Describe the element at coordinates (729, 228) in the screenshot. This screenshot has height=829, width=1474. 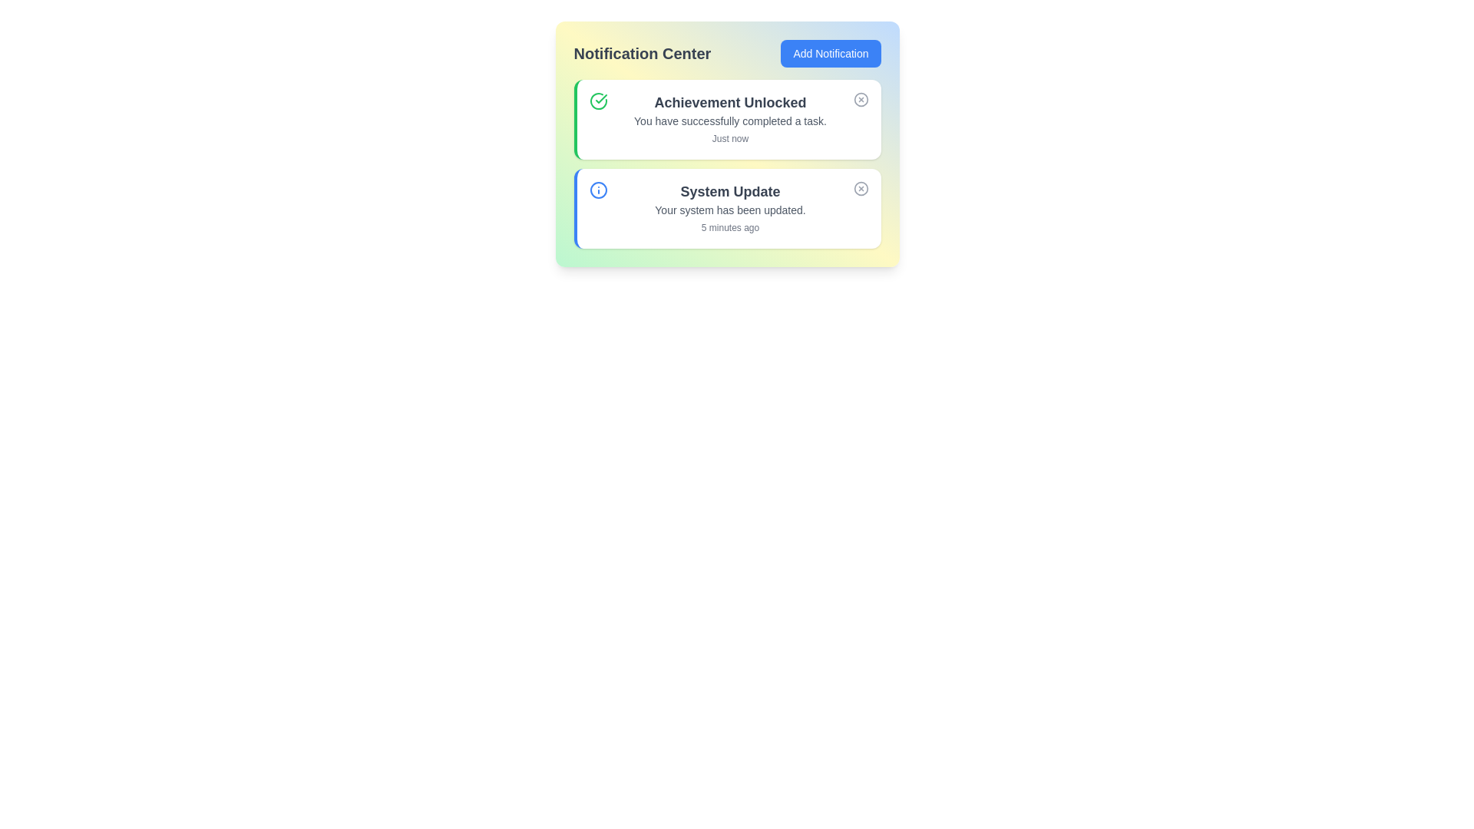
I see `informational text displaying '5 minutes ago' located at the bottom-right of the 'System Update' notification, below the main message and aligned to the right` at that location.